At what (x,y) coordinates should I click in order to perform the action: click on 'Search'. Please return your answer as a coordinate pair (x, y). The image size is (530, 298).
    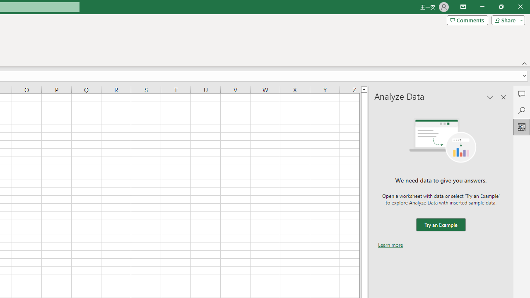
    Looking at the image, I should click on (521, 110).